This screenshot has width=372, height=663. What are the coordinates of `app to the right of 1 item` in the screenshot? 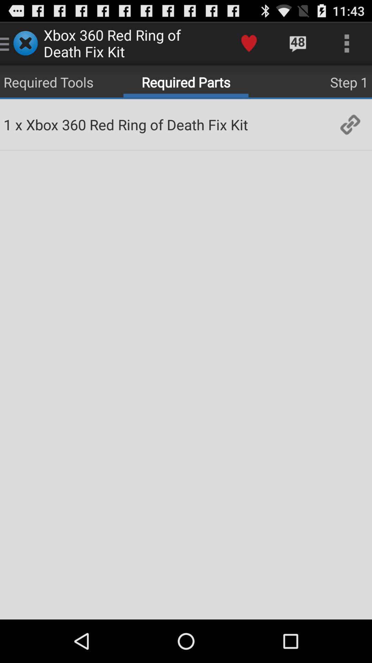 It's located at (18, 124).